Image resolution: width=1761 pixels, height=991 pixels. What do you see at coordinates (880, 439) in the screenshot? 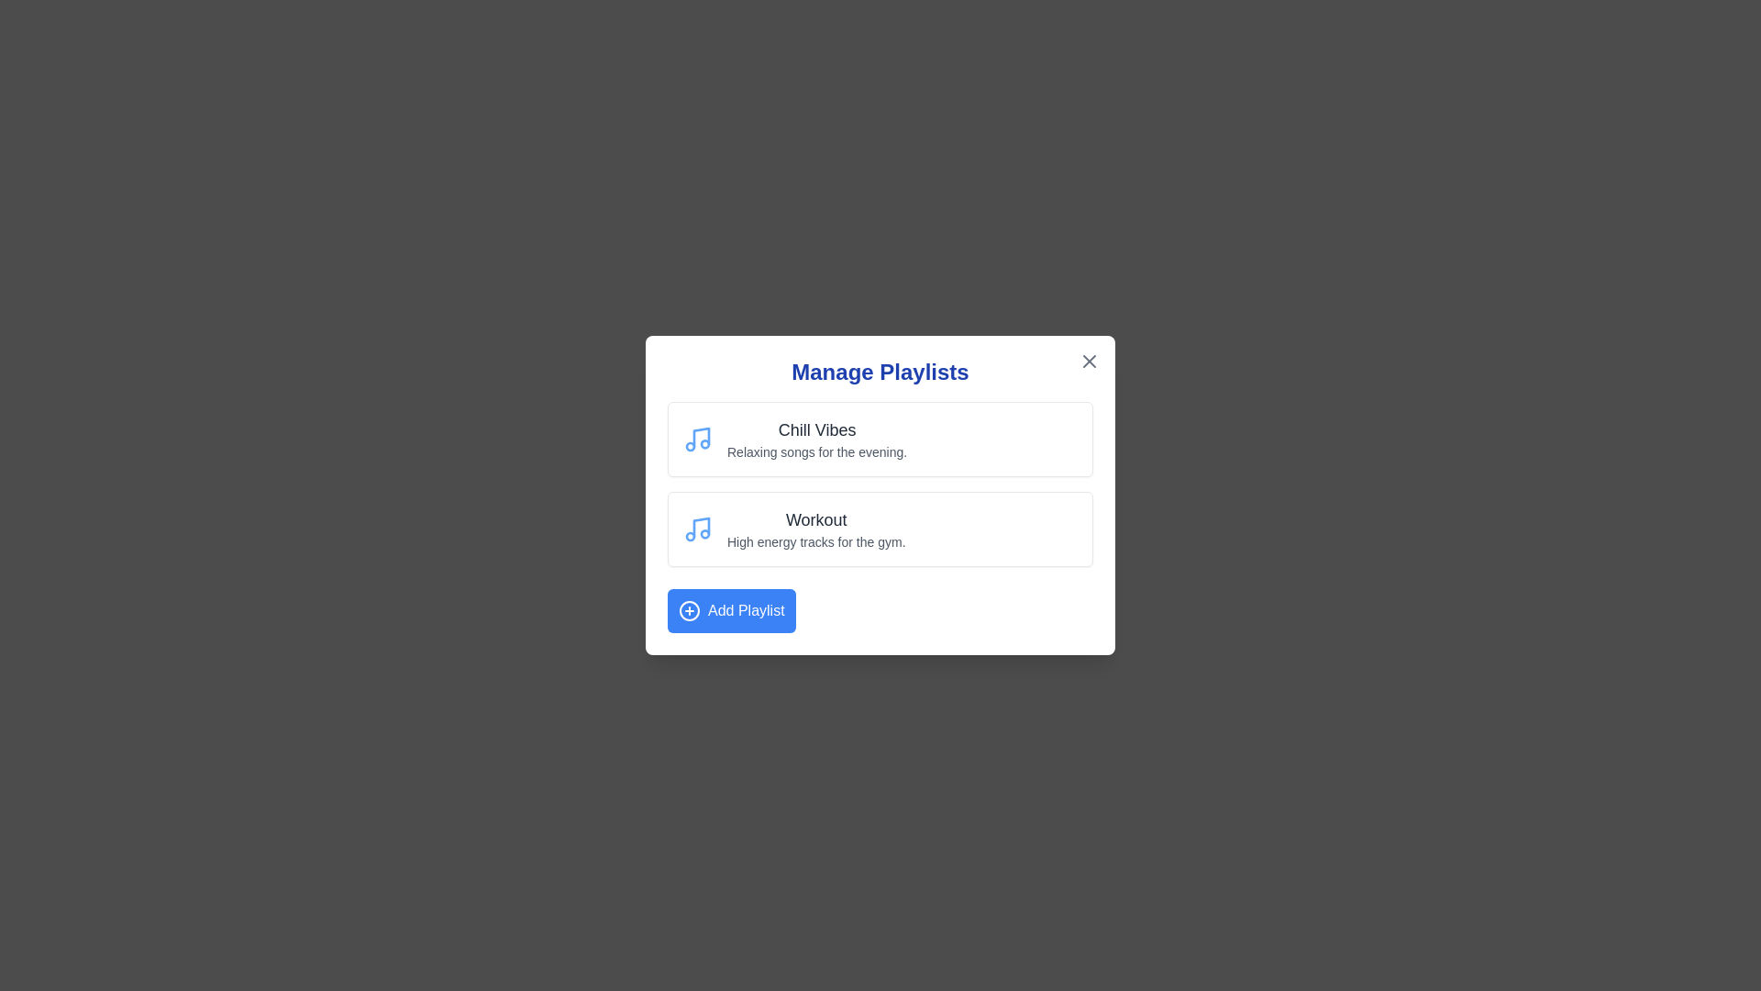
I see `the first playlist item in the 'Manage Playlists' modal` at bounding box center [880, 439].